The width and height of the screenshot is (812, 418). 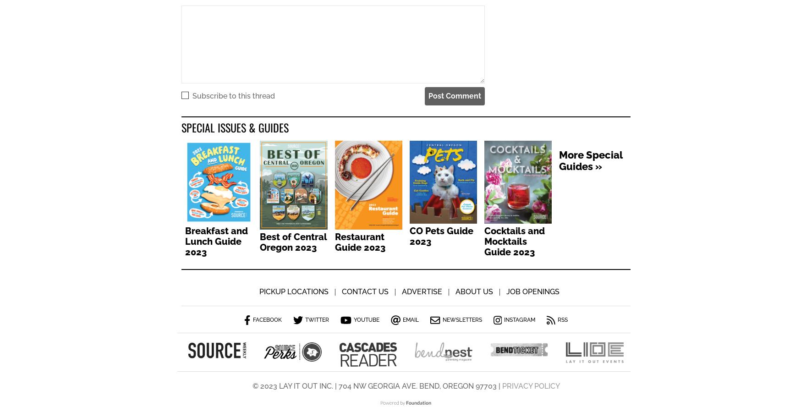 I want to click on 'Newsletters', so click(x=461, y=320).